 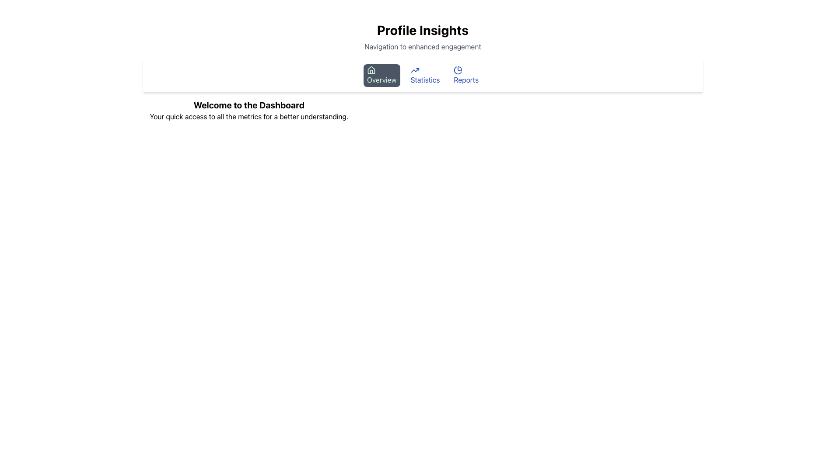 What do you see at coordinates (371, 69) in the screenshot?
I see `'Home' icon element located inside the 'Overview' button in the top navigation bar by using the developer tools` at bounding box center [371, 69].